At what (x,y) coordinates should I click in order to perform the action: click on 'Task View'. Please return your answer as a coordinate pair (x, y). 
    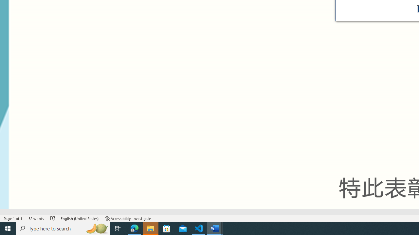
    Looking at the image, I should click on (118, 228).